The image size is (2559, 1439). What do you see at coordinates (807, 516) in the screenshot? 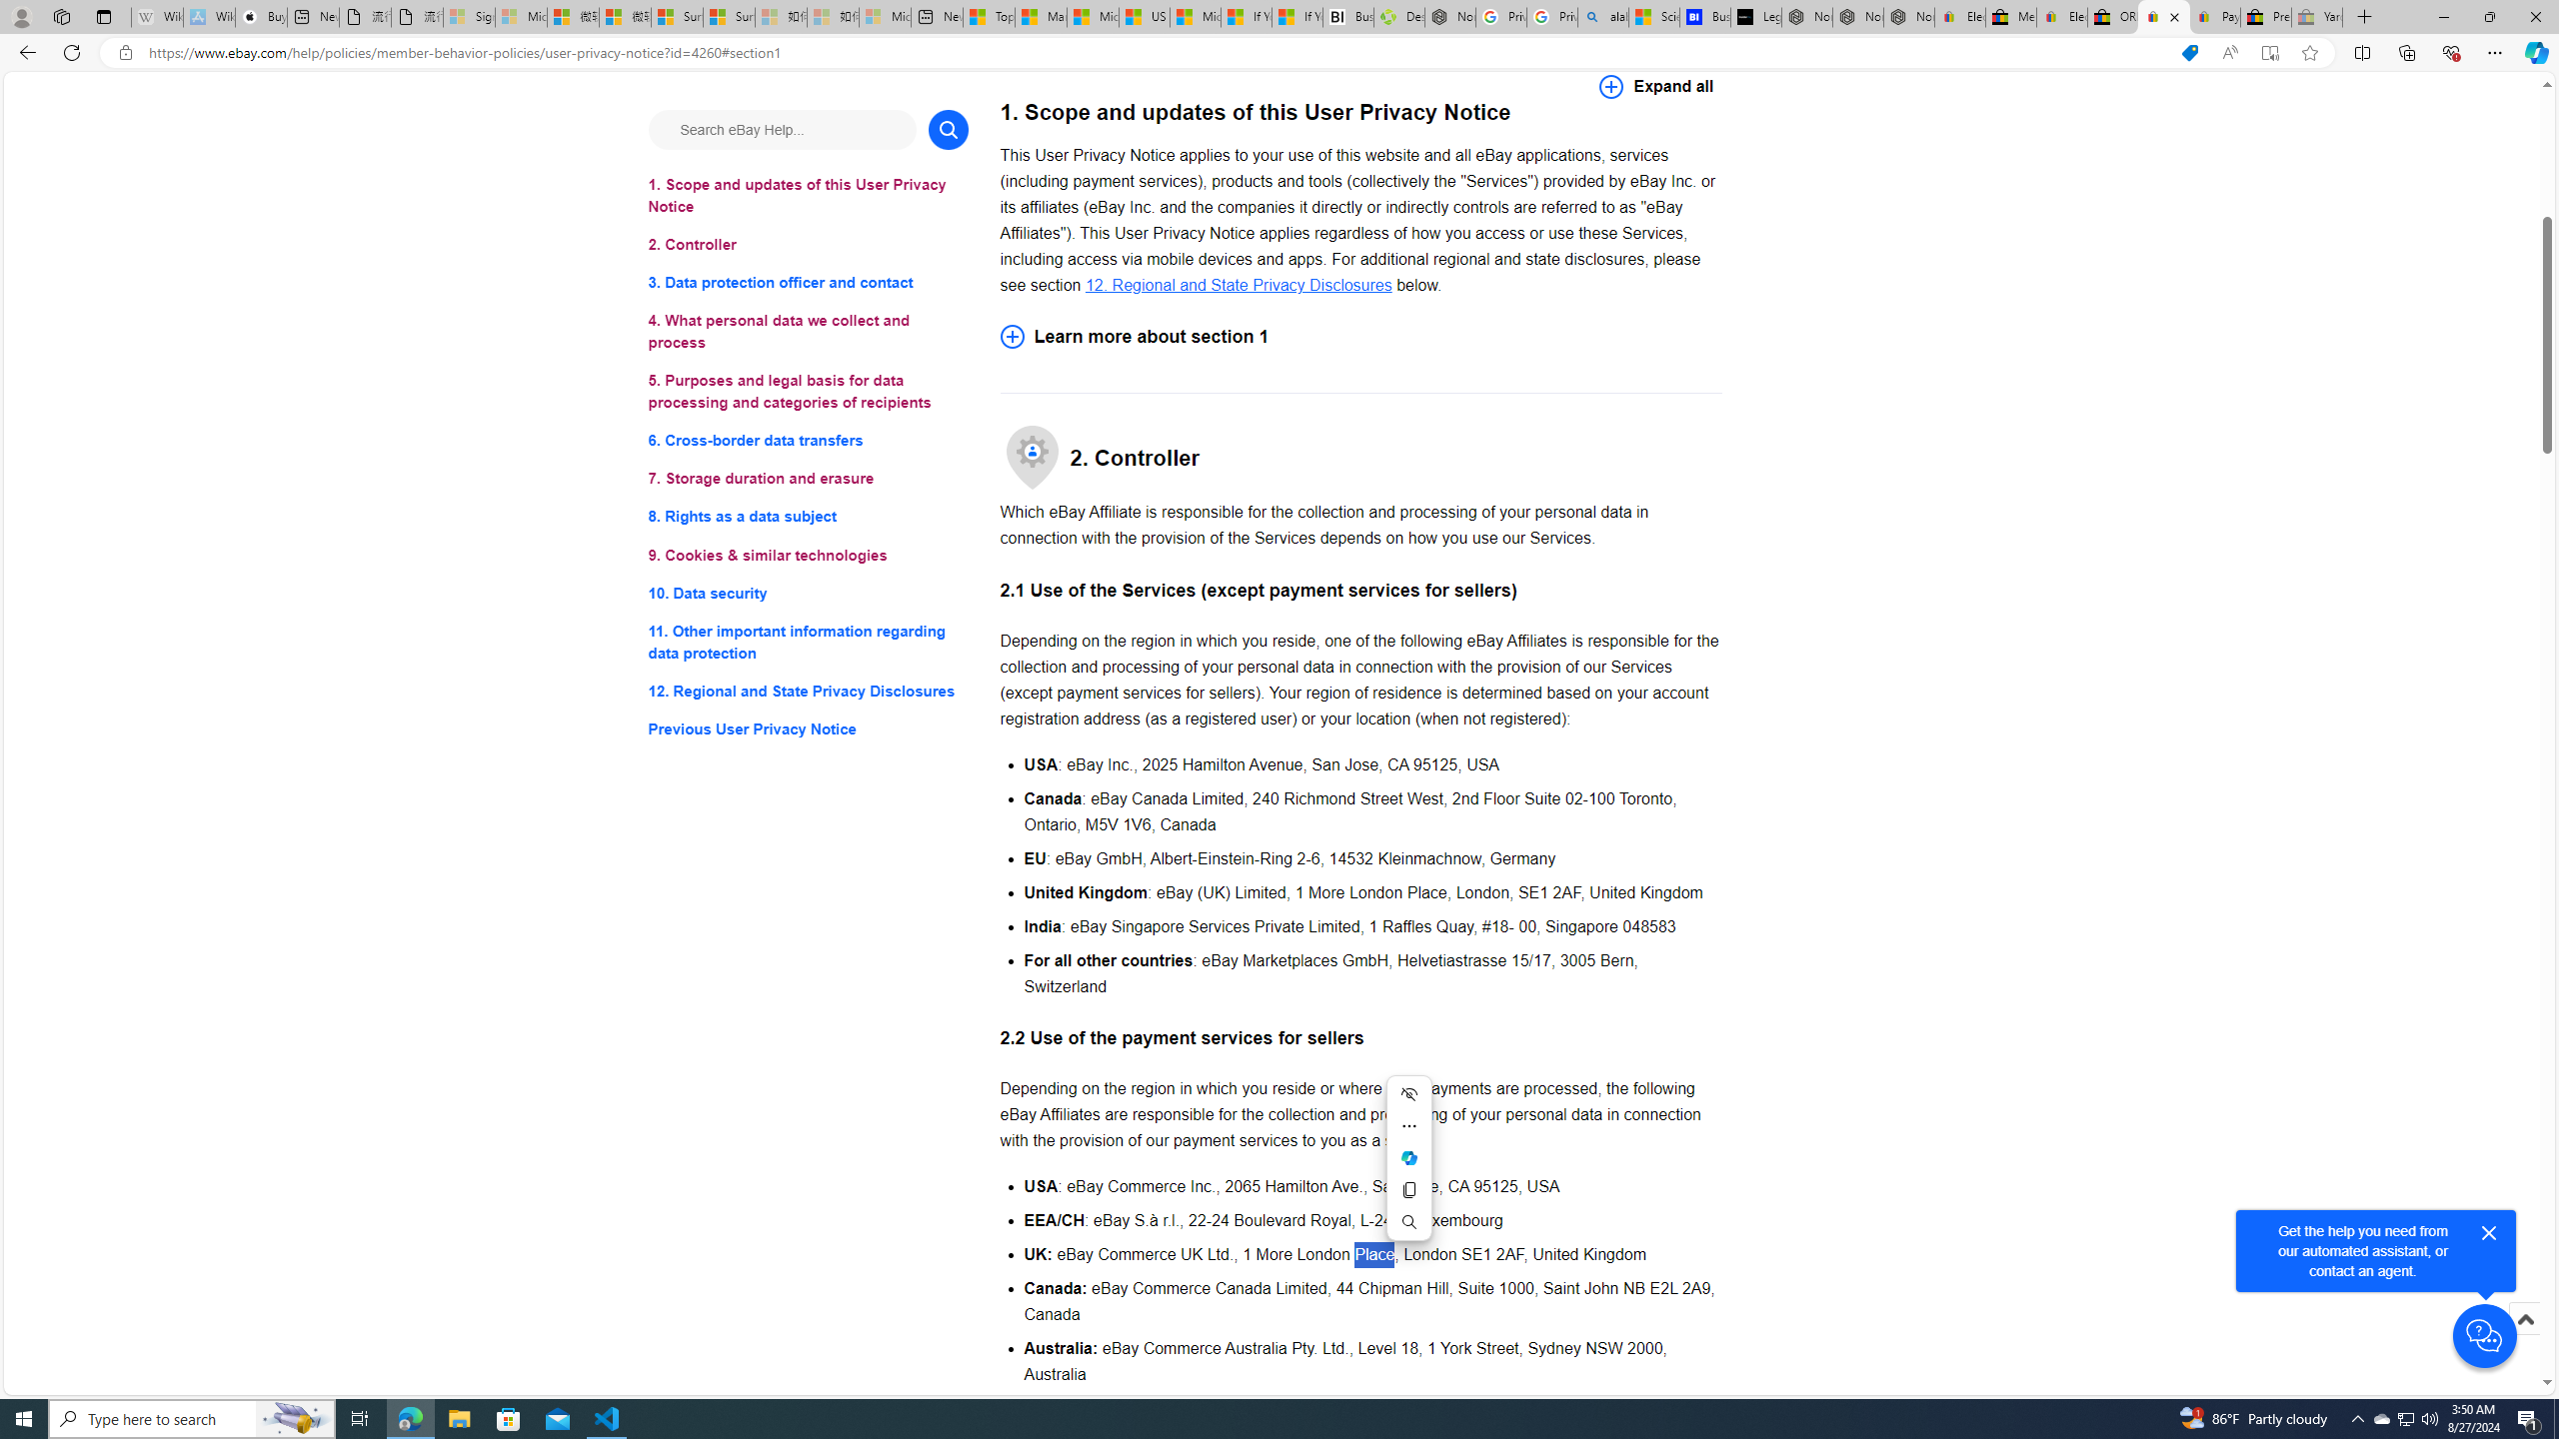
I see `'8. Rights as a data subject'` at bounding box center [807, 516].